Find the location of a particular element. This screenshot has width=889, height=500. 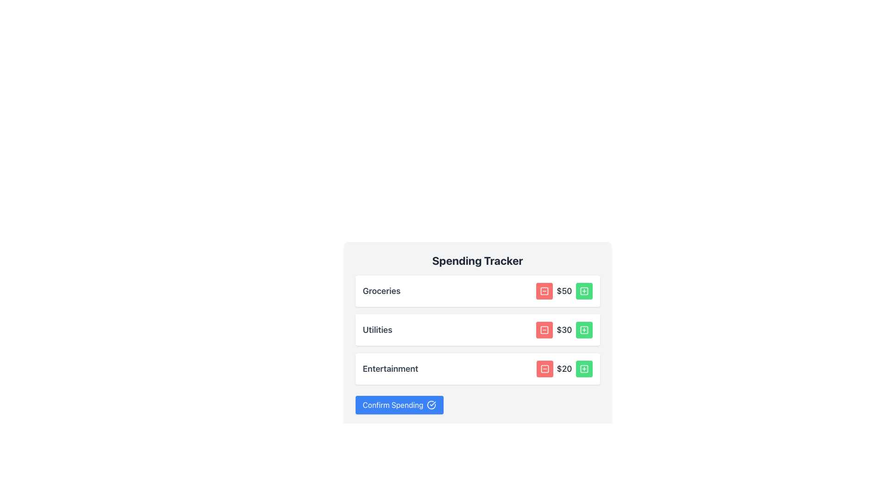

the small green button with a square outline and a centered plus symbol located on the right side of the first row in the 'Groceries' list under 'Spending Tracker' is located at coordinates (583, 290).